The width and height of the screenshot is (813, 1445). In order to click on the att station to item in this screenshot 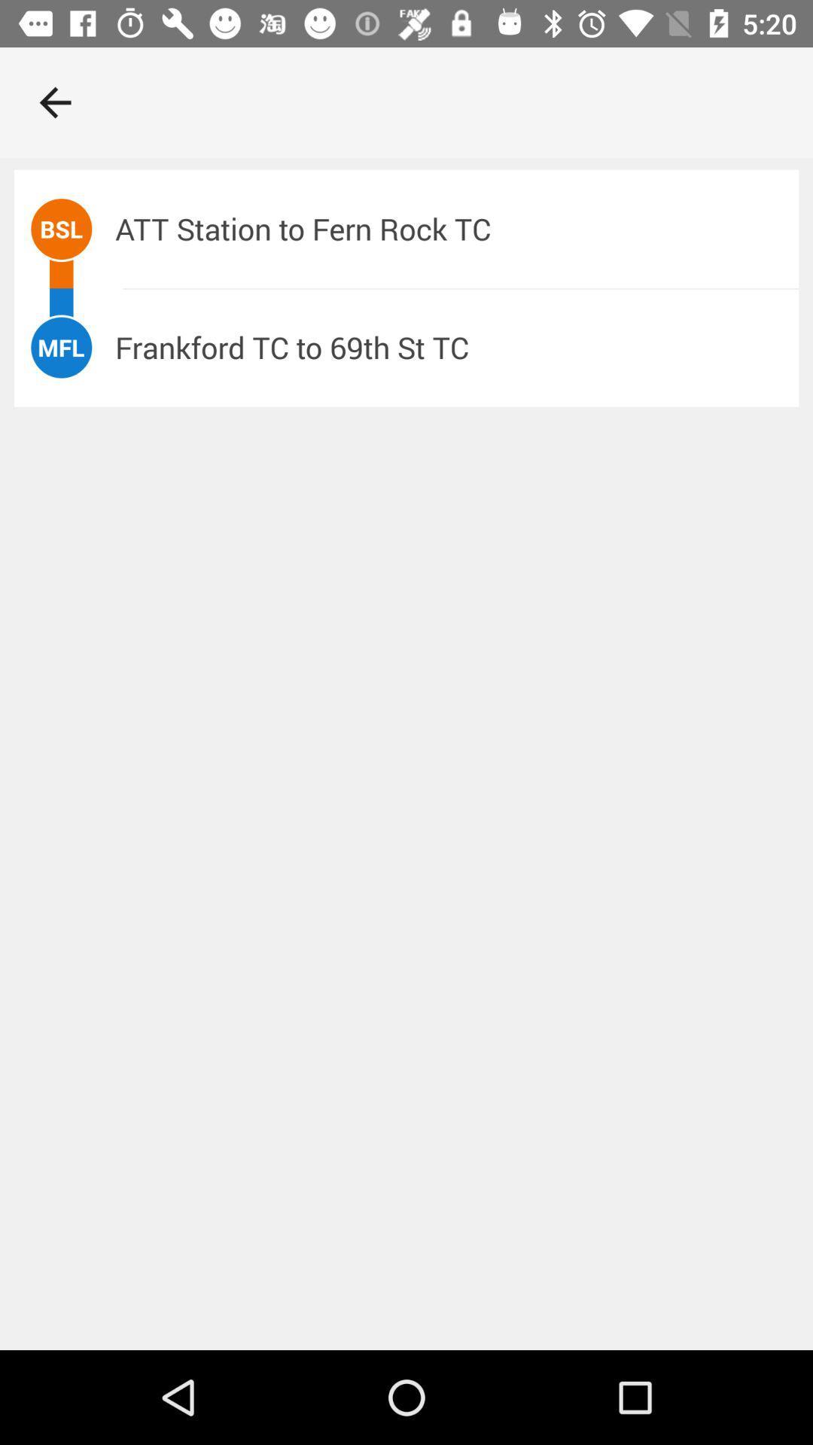, I will do `click(456, 228)`.